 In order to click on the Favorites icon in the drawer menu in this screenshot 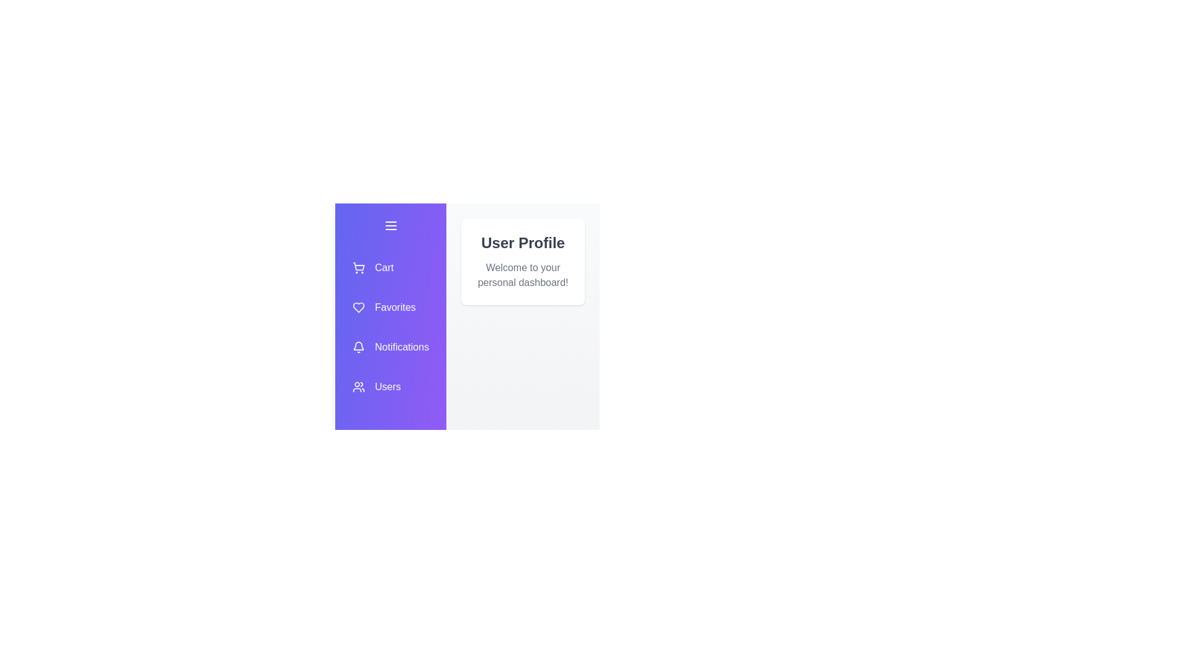, I will do `click(390, 307)`.